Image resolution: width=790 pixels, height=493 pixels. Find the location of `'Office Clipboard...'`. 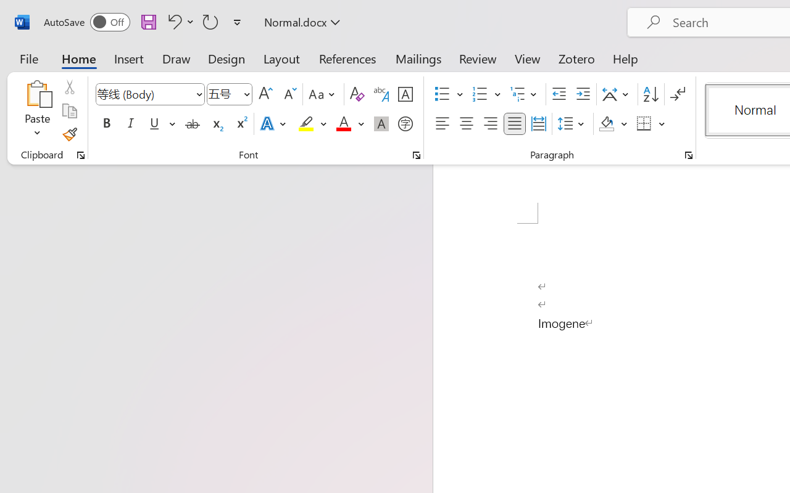

'Office Clipboard...' is located at coordinates (80, 155).